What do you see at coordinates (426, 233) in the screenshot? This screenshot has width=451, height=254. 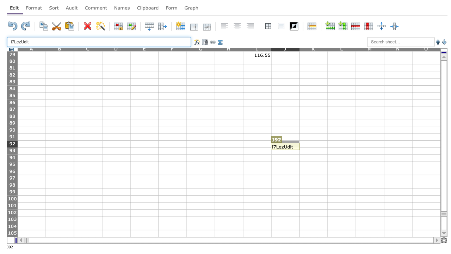 I see `column O row 105` at bounding box center [426, 233].